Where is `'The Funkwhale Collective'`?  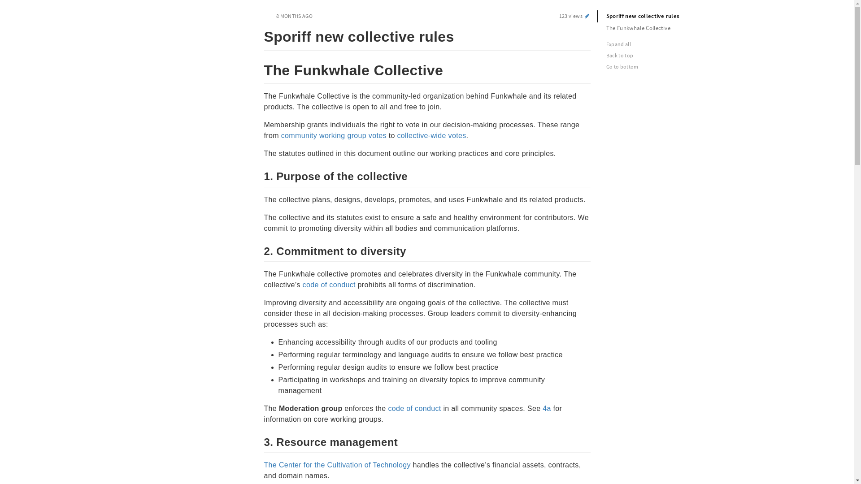
'The Funkwhale Collective' is located at coordinates (657, 28).